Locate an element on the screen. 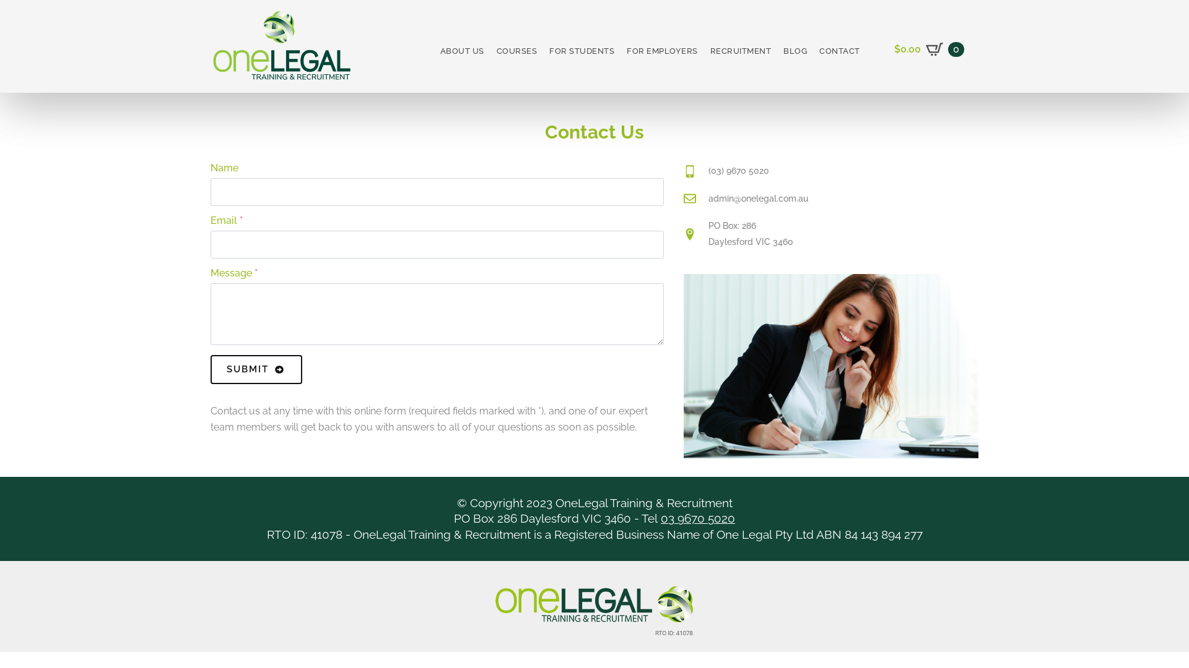 This screenshot has height=668, width=1189. 'RECRUITMENT' is located at coordinates (704, 50).